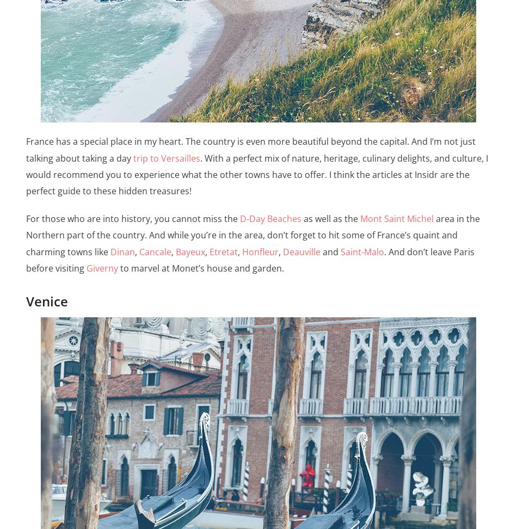 Image resolution: width=517 pixels, height=529 pixels. What do you see at coordinates (188, 250) in the screenshot?
I see `'Bayeux'` at bounding box center [188, 250].